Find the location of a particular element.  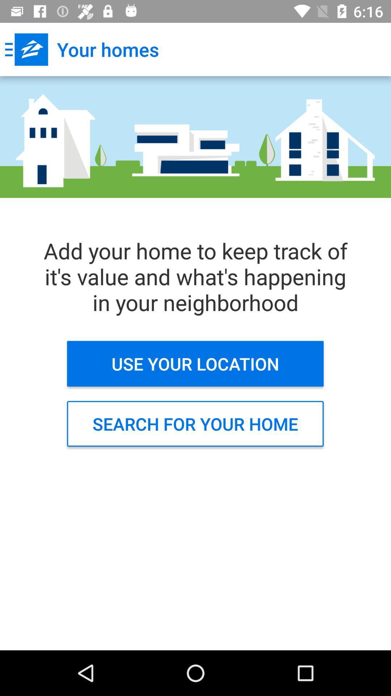

the icon next to the your homes app is located at coordinates (26, 49).